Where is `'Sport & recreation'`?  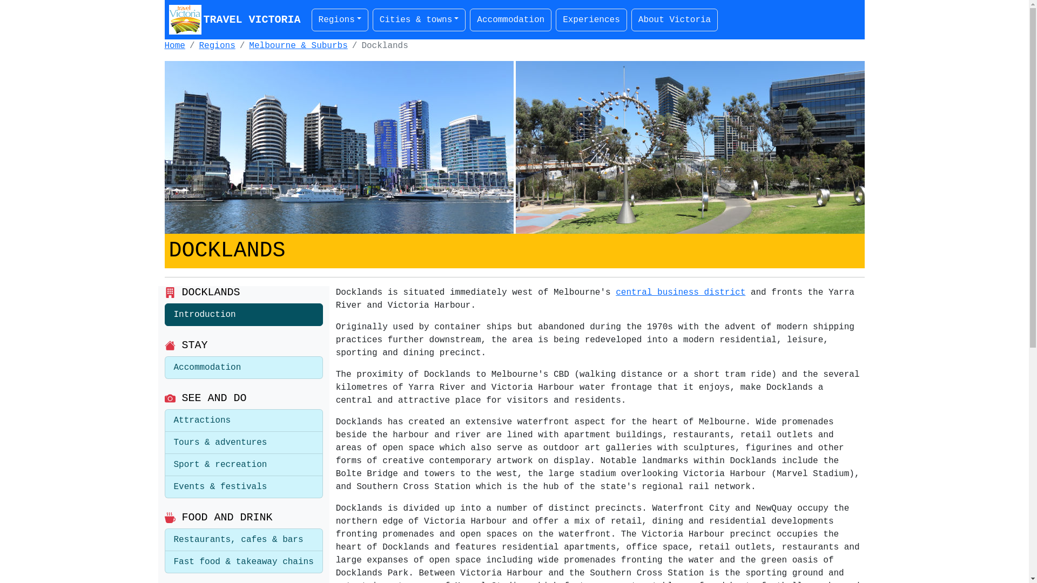 'Sport & recreation' is located at coordinates (243, 464).